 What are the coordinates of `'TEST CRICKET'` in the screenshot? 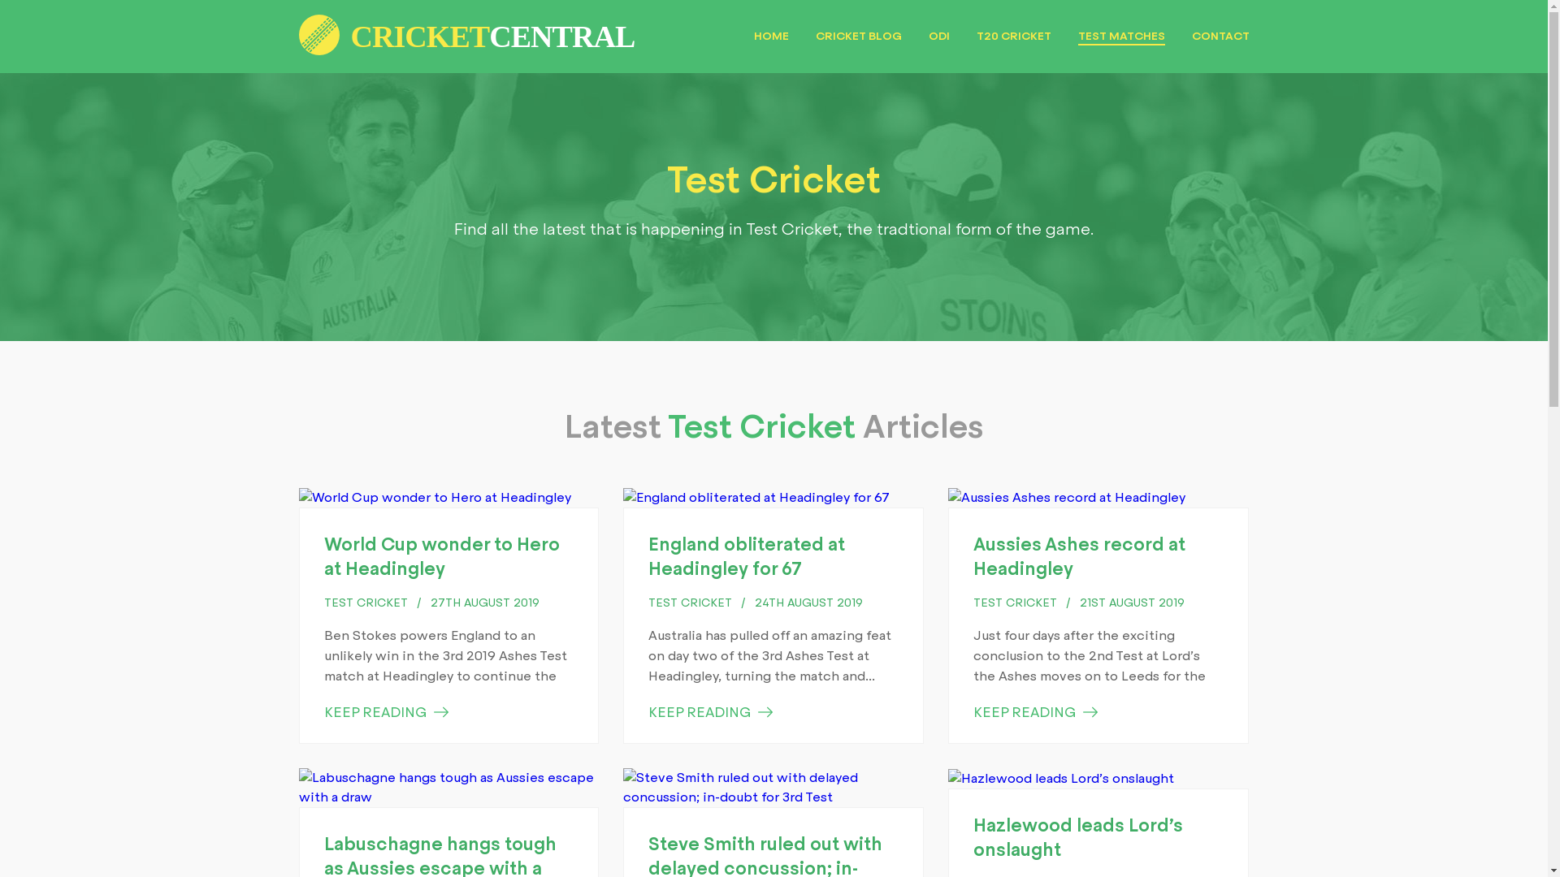 It's located at (1014, 603).